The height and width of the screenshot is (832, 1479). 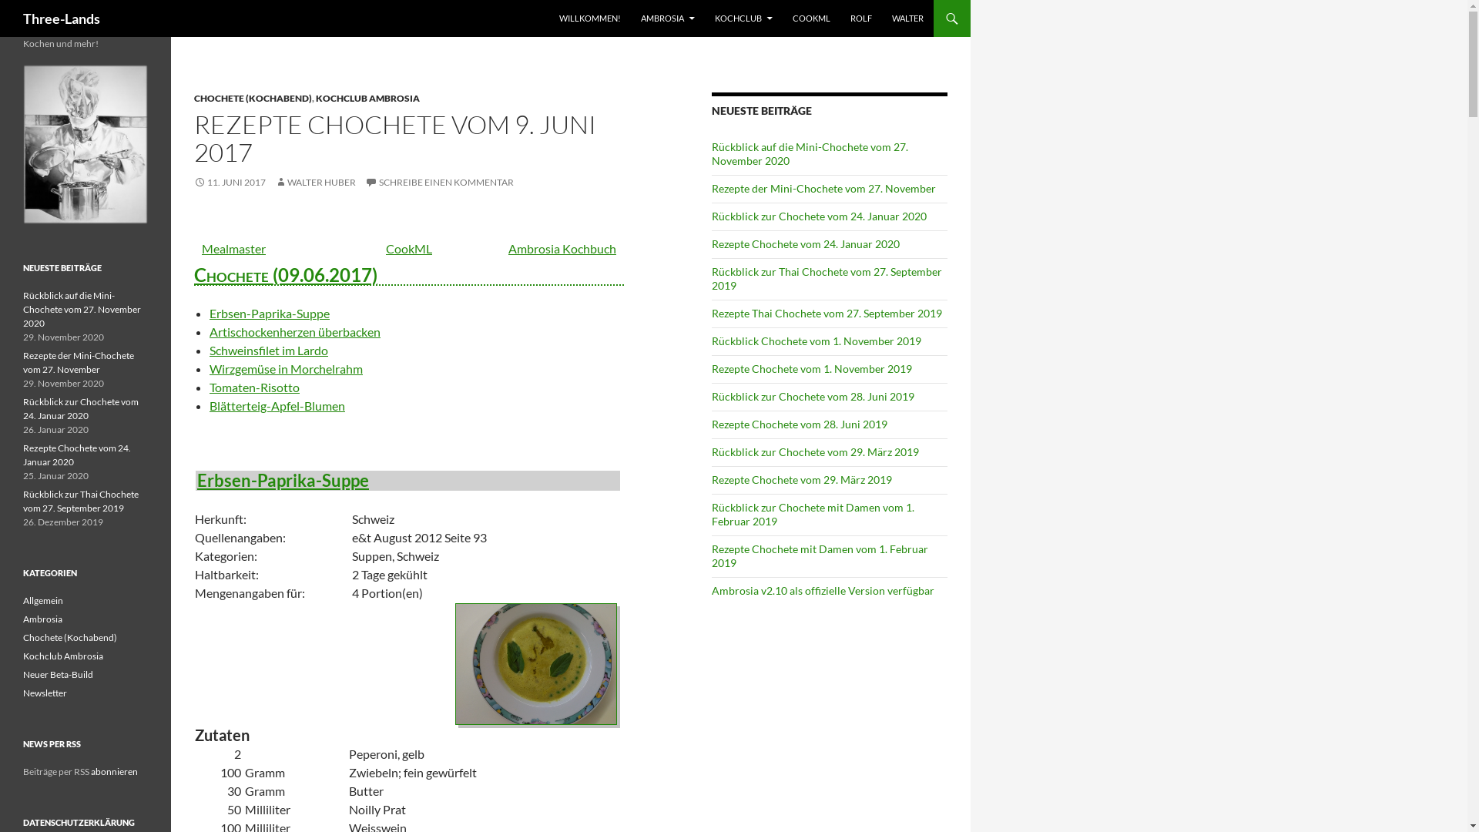 What do you see at coordinates (743, 18) in the screenshot?
I see `'KOCHCLUB'` at bounding box center [743, 18].